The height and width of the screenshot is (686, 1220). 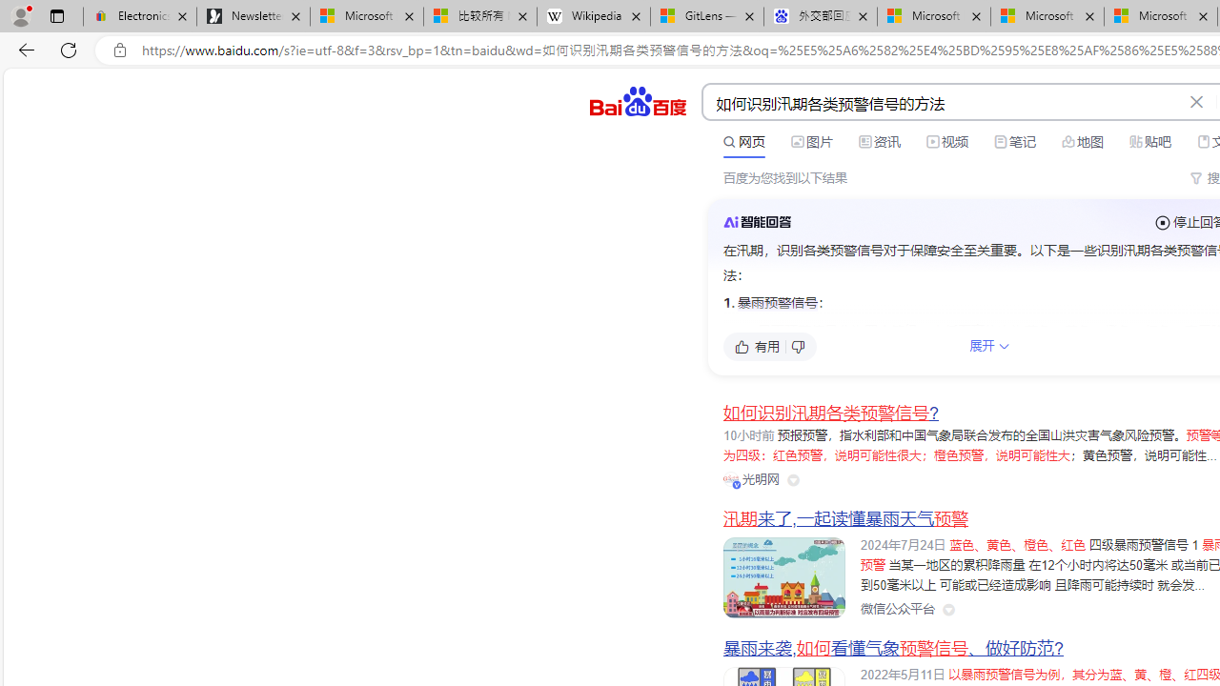 What do you see at coordinates (139, 16) in the screenshot?
I see `'Electronics, Cars, Fashion, Collectibles & More | eBay'` at bounding box center [139, 16].